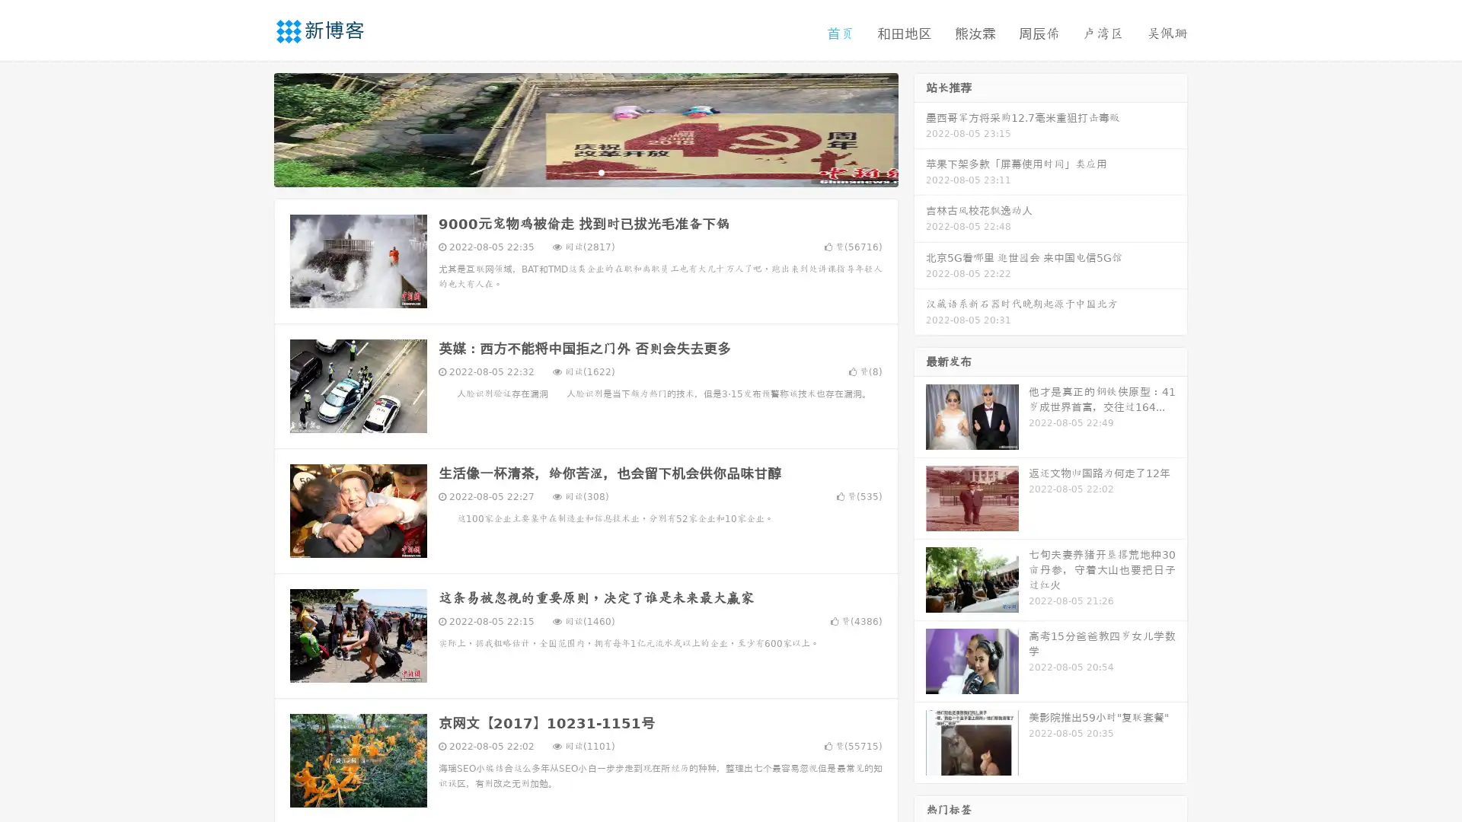 The image size is (1462, 822). Describe the element at coordinates (251, 128) in the screenshot. I see `Previous slide` at that location.